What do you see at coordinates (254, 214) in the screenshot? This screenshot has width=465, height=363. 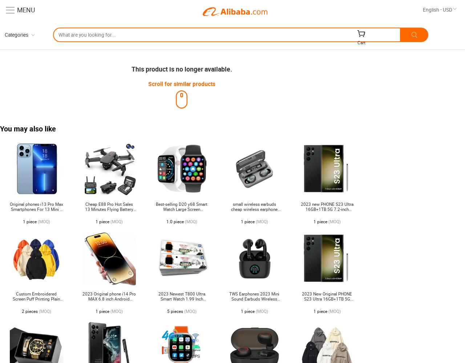 I see `'small wireless earbuds cheap wireless earphone sports earbuds games true wireless earbuds tws in-ear headphones F9-5C'` at bounding box center [254, 214].